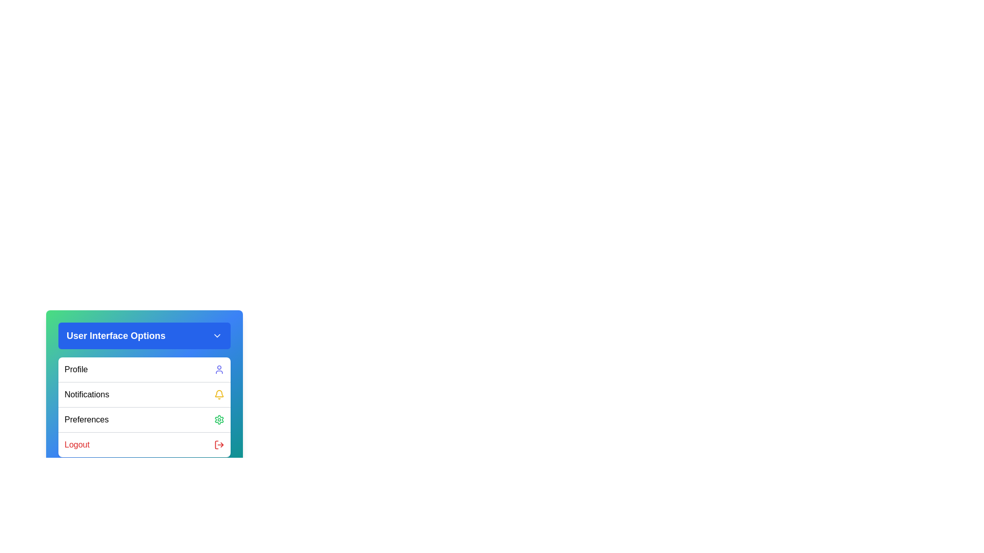  Describe the element at coordinates (144, 335) in the screenshot. I see `the 'User Interface Options' button to toggle the menu` at that location.